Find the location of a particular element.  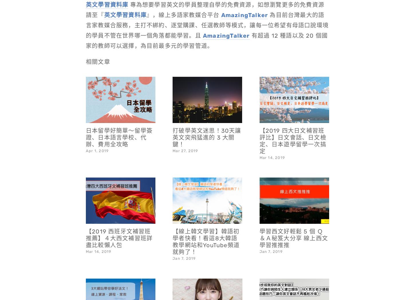

'【2019 四大日文補習班評比】日文會話、日文檢定、日本遊學留學一次搞定' is located at coordinates (293, 126).